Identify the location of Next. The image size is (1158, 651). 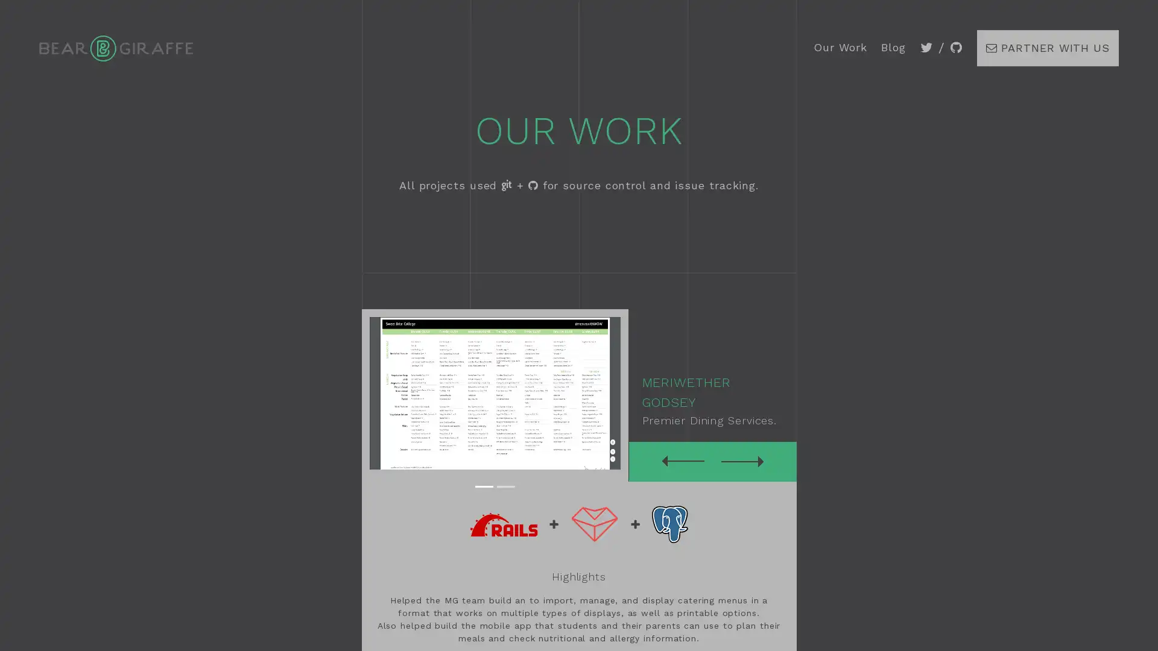
(753, 461).